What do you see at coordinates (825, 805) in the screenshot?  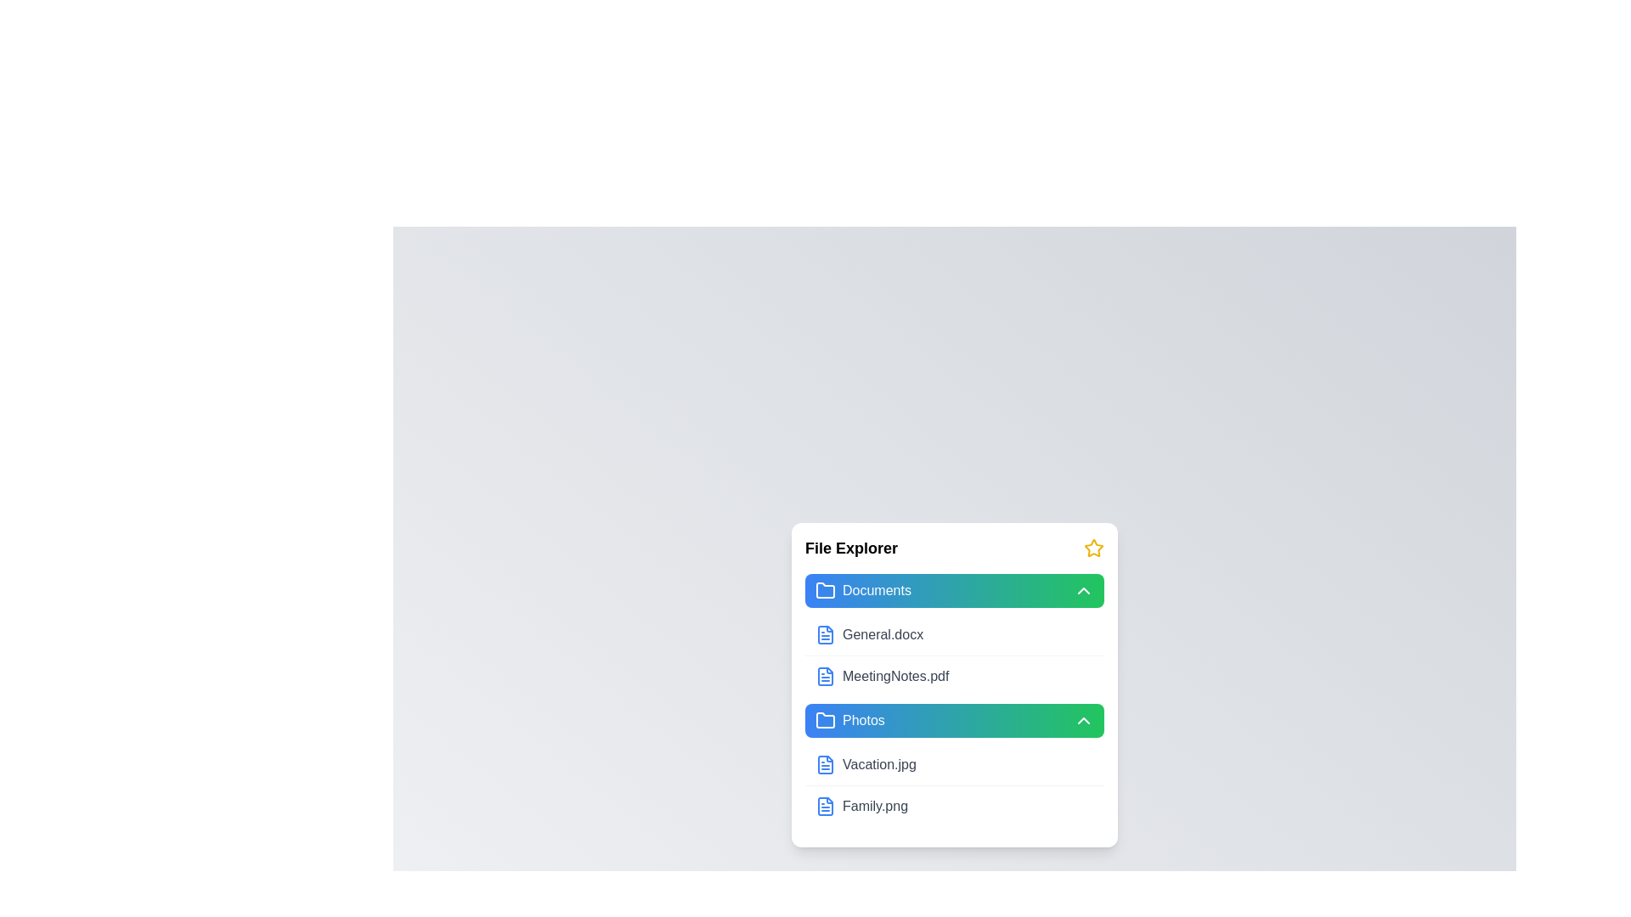 I see `the file Family.png to select it` at bounding box center [825, 805].